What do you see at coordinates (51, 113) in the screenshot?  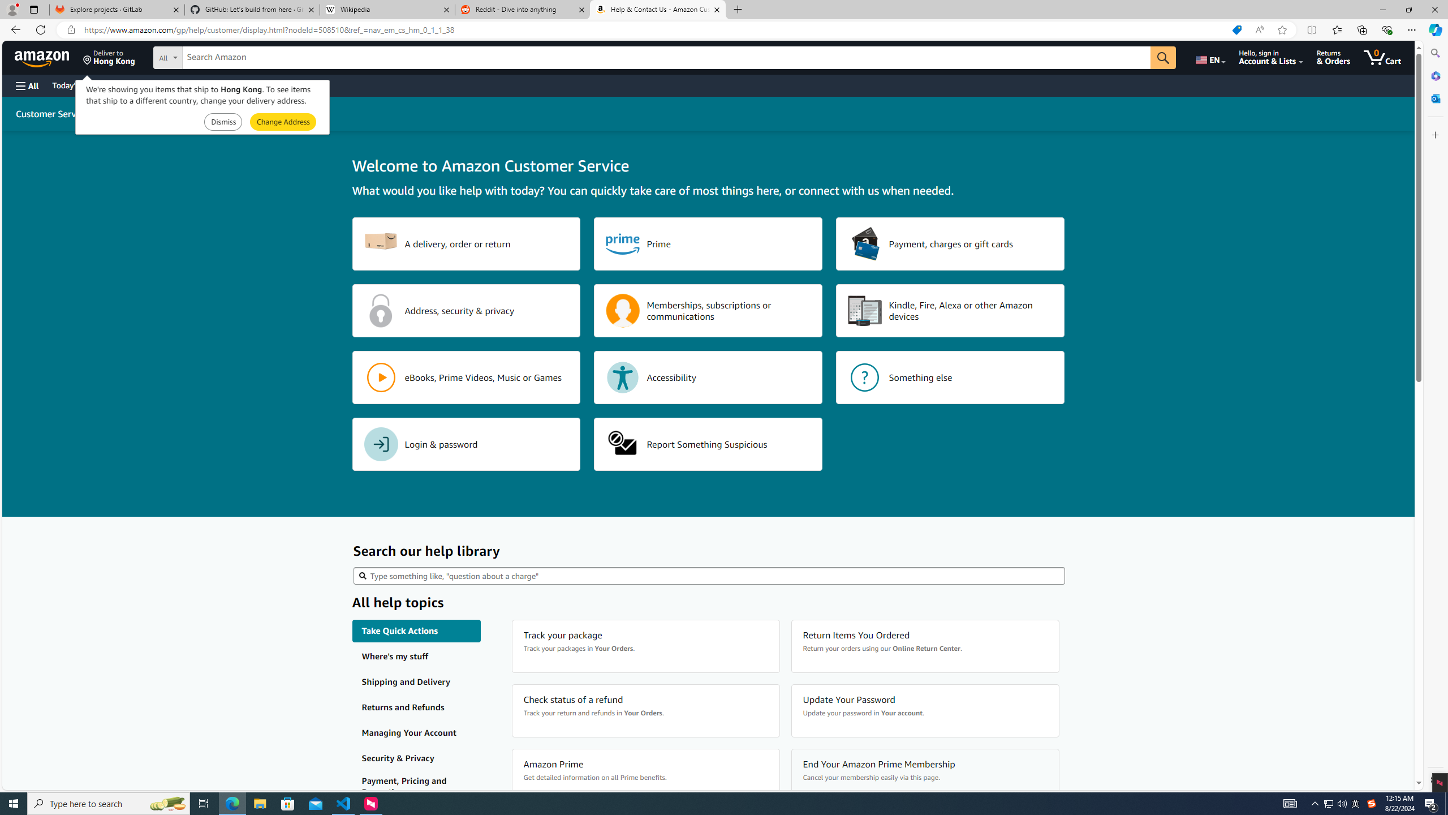 I see `'Customer Service'` at bounding box center [51, 113].